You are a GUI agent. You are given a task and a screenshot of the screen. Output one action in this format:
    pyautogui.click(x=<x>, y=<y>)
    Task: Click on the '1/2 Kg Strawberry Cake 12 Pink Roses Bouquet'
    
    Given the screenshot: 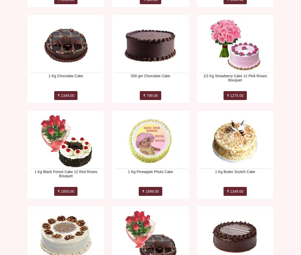 What is the action you would take?
    pyautogui.click(x=235, y=78)
    